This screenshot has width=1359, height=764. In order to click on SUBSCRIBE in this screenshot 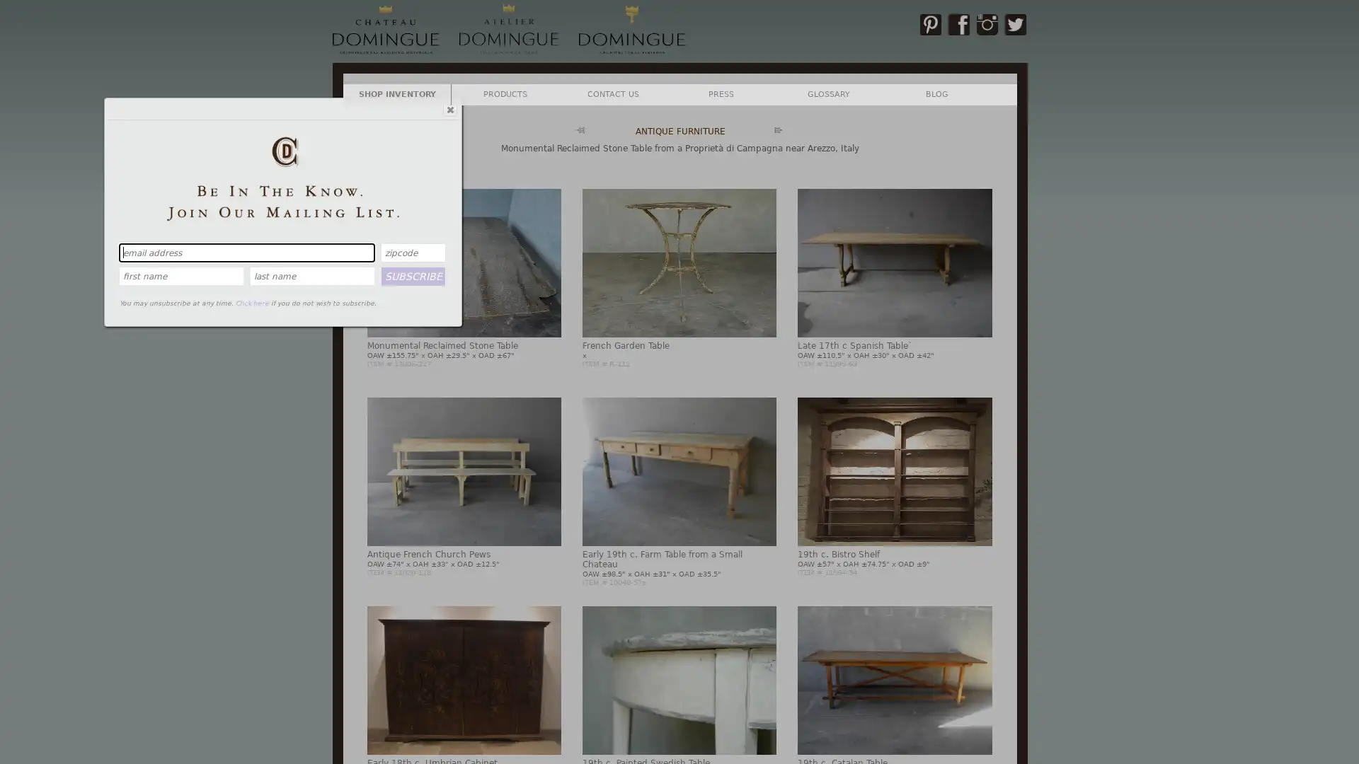, I will do `click(413, 275)`.